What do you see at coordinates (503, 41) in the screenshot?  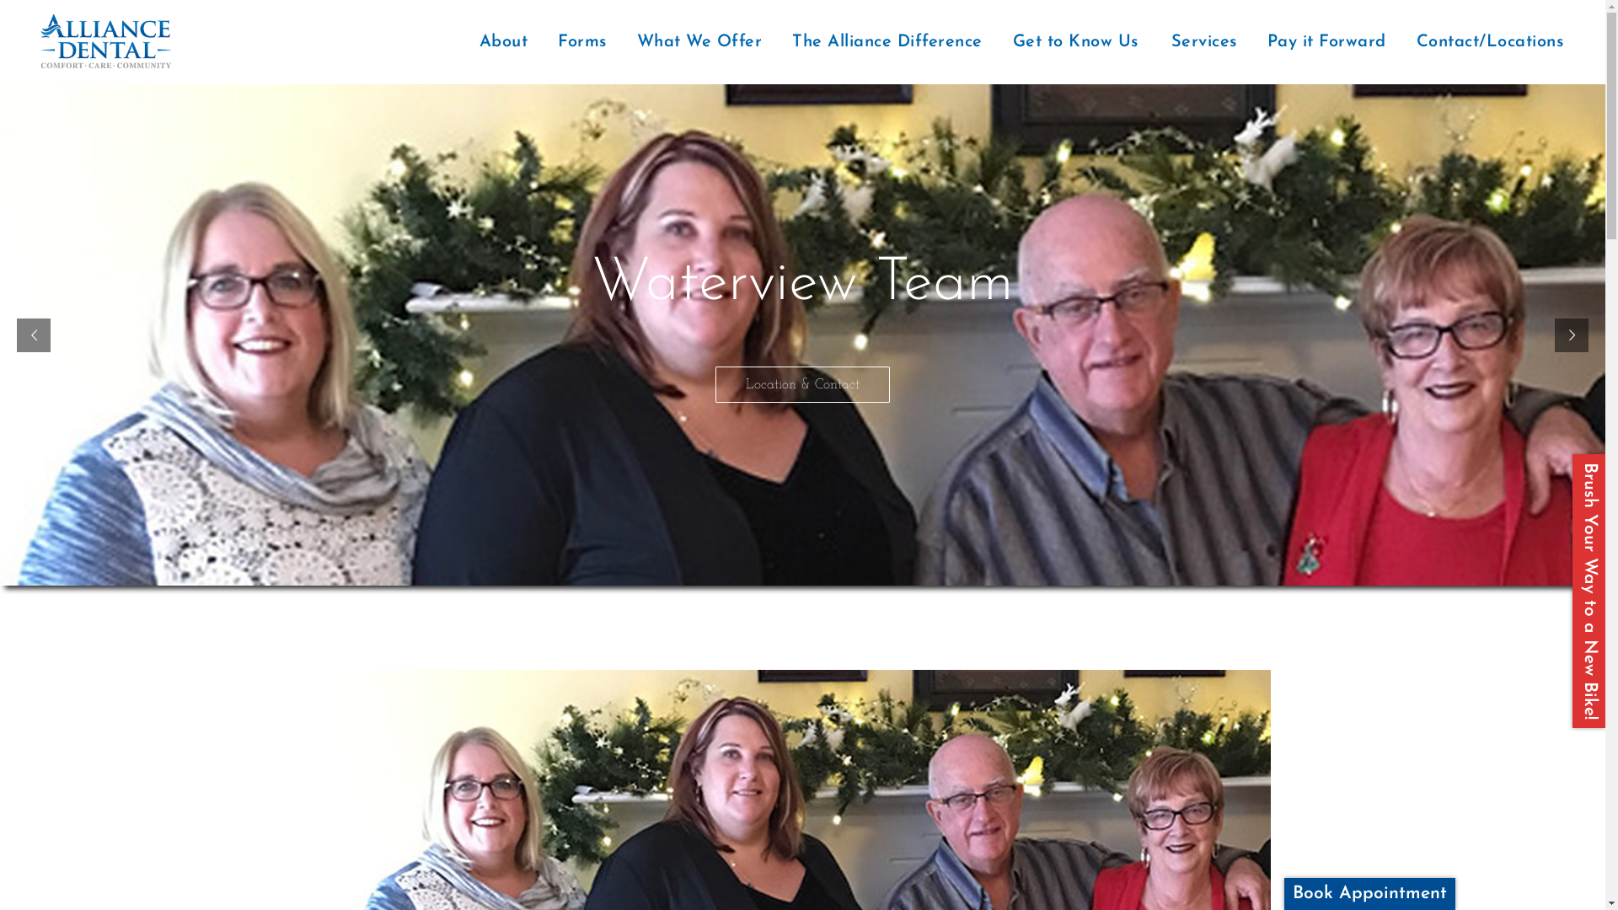 I see `'About'` at bounding box center [503, 41].